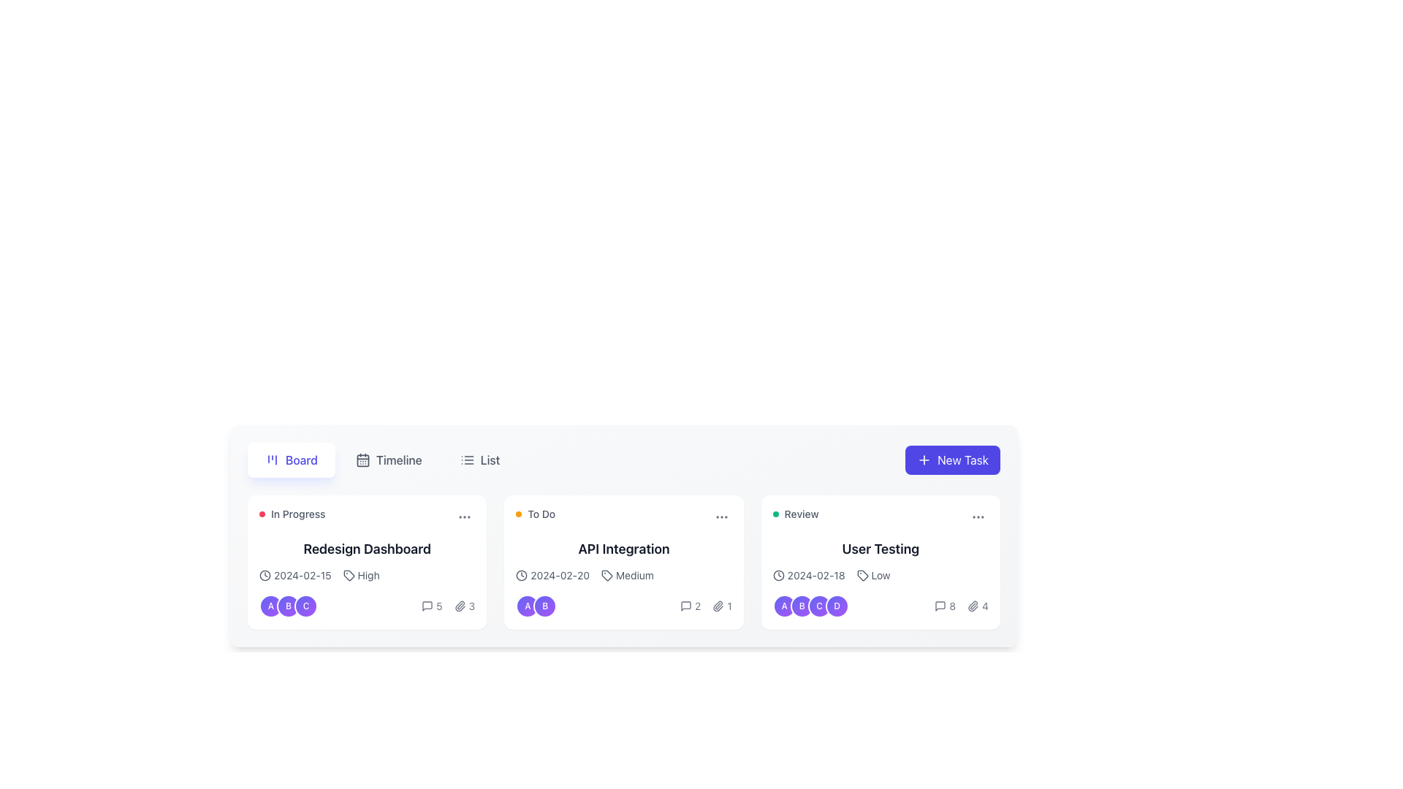 The image size is (1403, 789). Describe the element at coordinates (624, 606) in the screenshot. I see `displayed data of the Composite information display located in the second column of the task board, within the card titled 'API Integration', near the bottom of the card` at that location.